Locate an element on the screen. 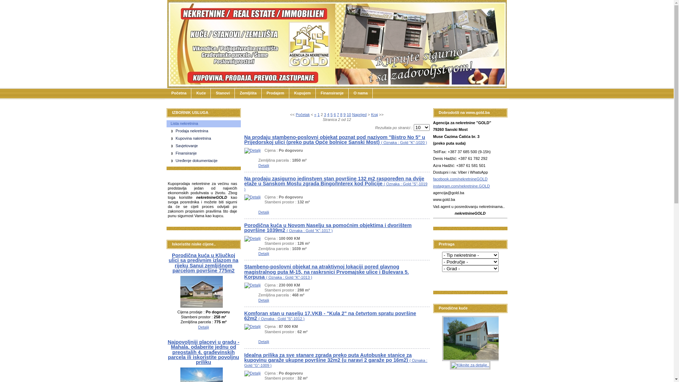 The height and width of the screenshot is (382, 679). 'Detalji' is located at coordinates (180, 306).